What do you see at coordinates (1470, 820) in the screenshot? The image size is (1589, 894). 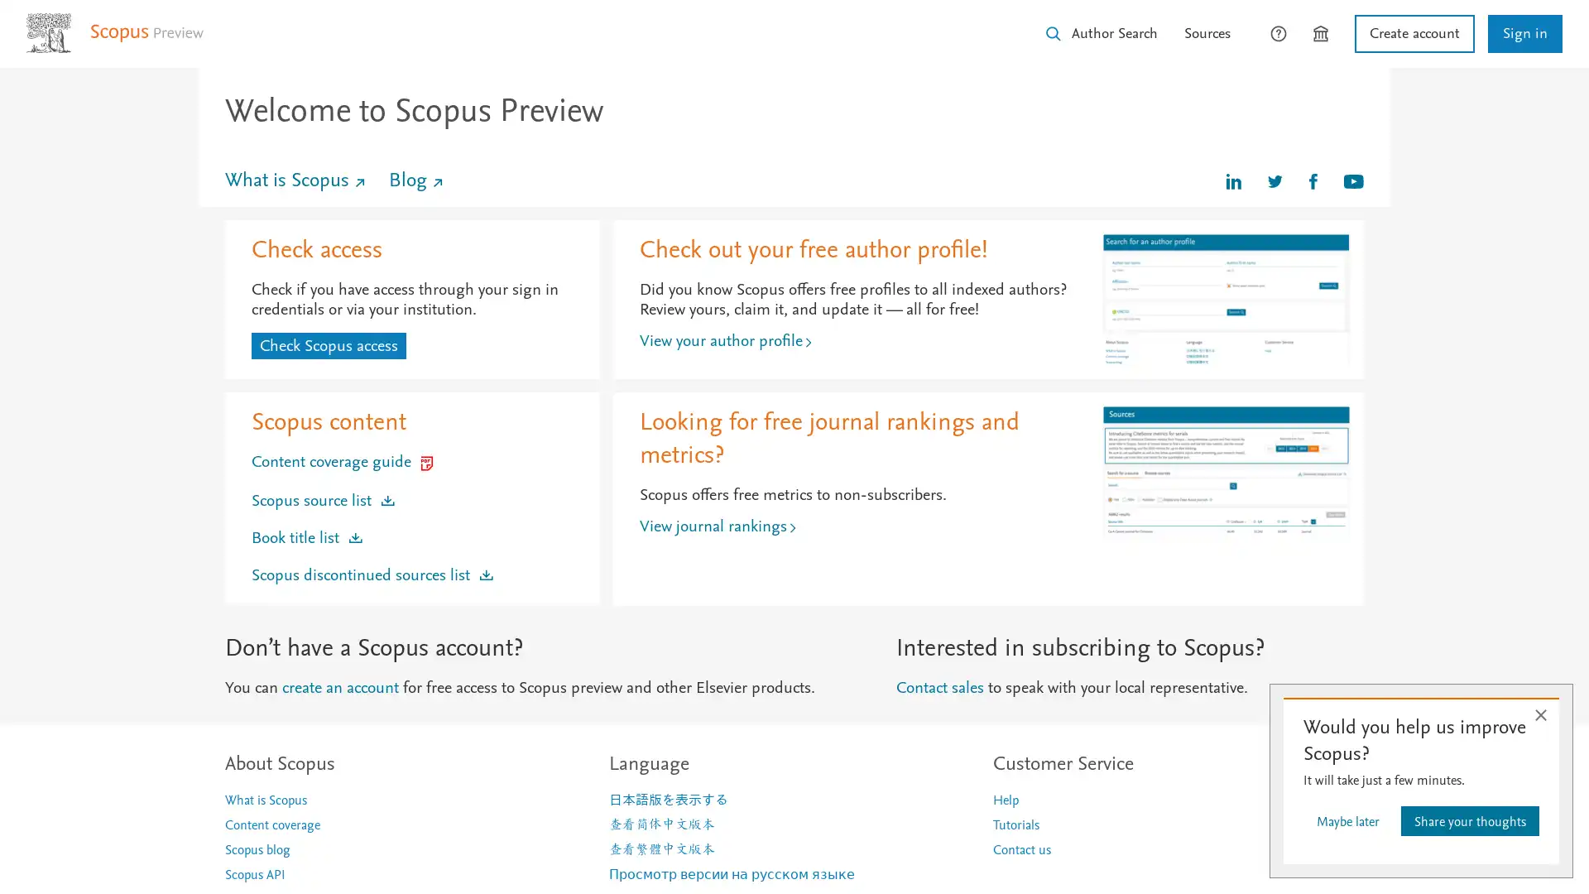 I see `Share your thoughts` at bounding box center [1470, 820].